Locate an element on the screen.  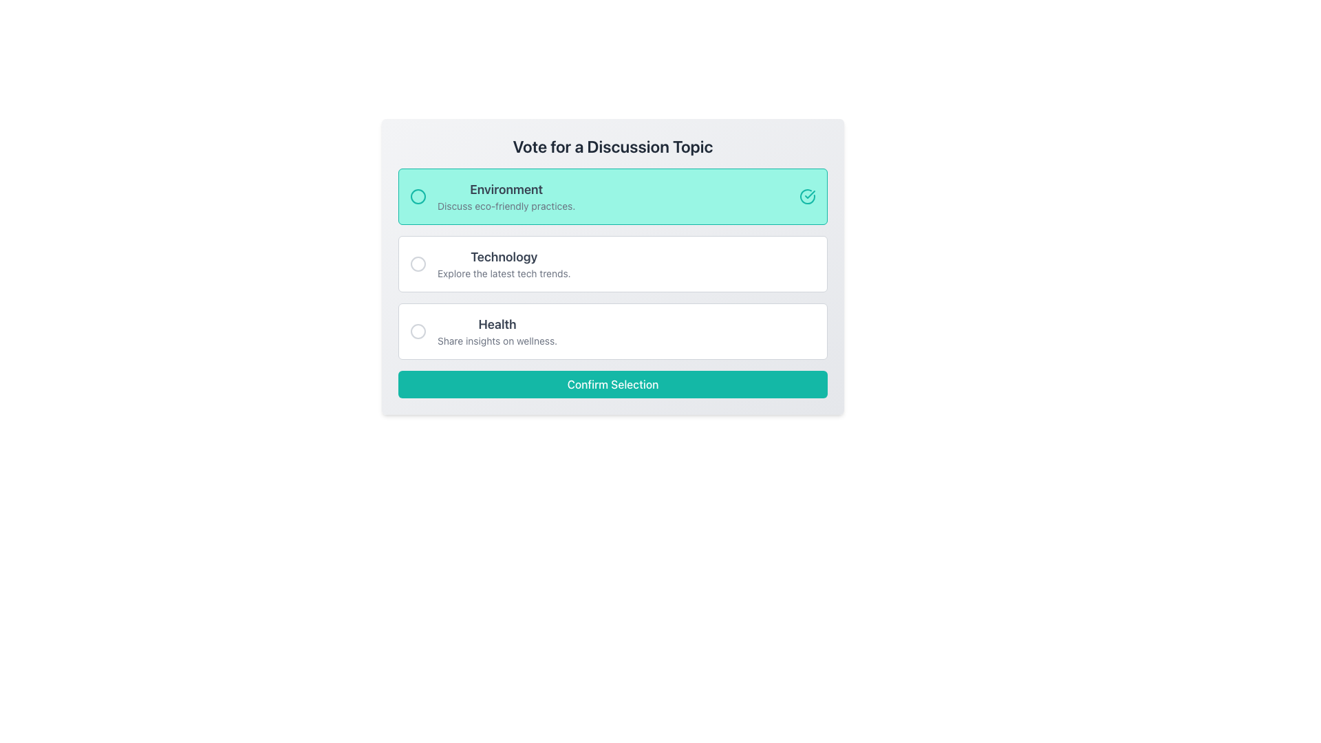
the circular indicator on the left side of the 'Environment' option is located at coordinates (418, 196).